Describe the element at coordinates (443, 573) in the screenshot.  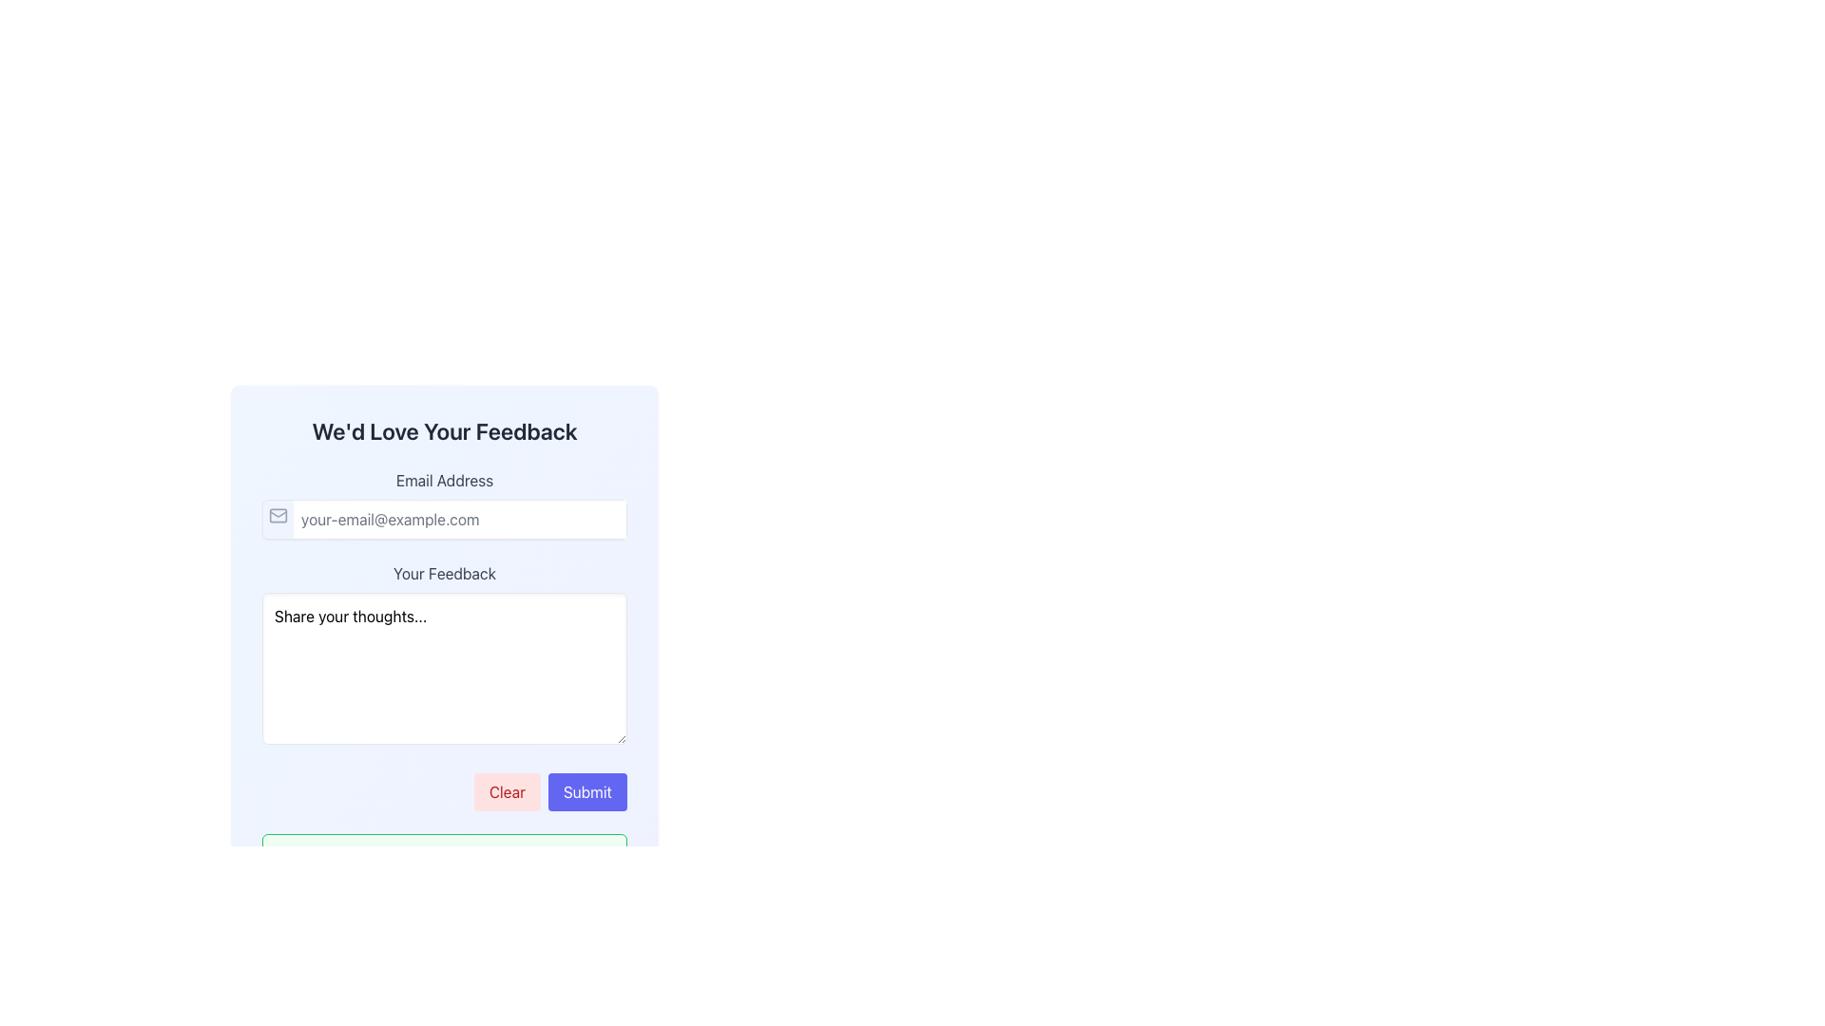
I see `the 'Your Feedback' label in the feedback form, which provides context for the following textarea` at that location.